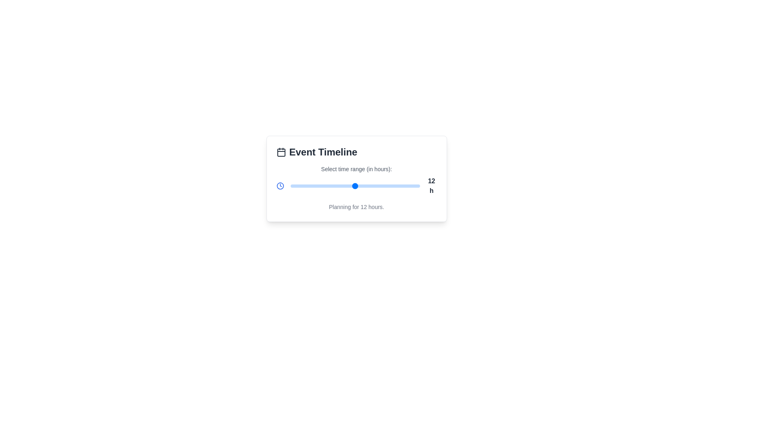  I want to click on the time range, so click(404, 186).